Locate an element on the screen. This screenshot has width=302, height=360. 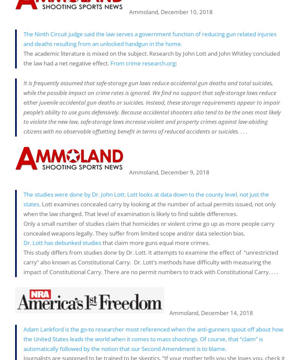
'The studies were done by Dr. John Lott. Lott looks at data down to the county level, not just the states.' is located at coordinates (146, 199).